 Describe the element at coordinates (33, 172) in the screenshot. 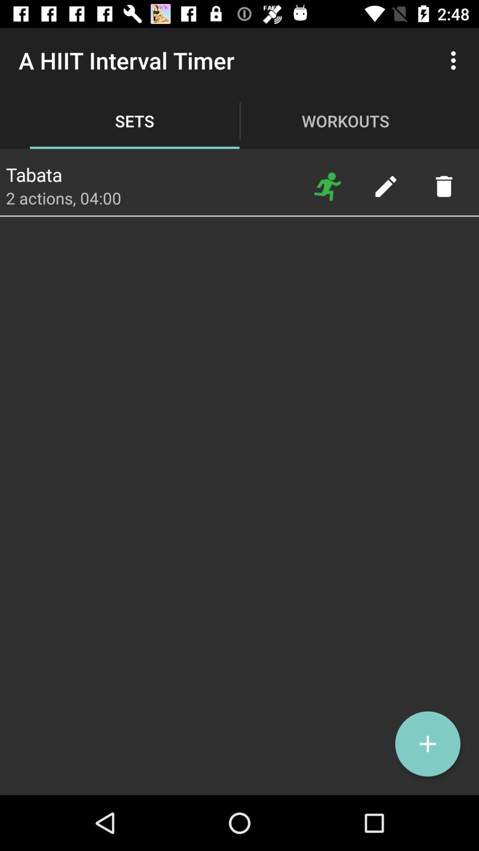

I see `icon to the left of sets item` at that location.